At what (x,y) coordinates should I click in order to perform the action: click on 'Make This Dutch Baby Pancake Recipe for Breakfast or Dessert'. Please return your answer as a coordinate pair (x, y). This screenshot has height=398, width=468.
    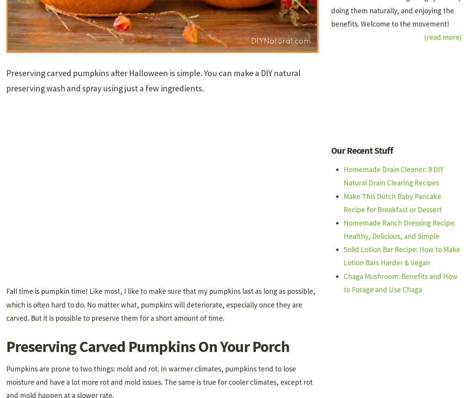
    Looking at the image, I should click on (393, 202).